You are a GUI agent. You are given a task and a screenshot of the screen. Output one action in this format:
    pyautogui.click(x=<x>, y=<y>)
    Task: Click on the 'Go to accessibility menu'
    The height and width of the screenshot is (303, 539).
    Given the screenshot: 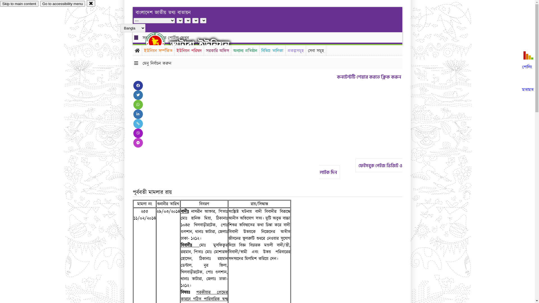 What is the action you would take?
    pyautogui.click(x=62, y=4)
    